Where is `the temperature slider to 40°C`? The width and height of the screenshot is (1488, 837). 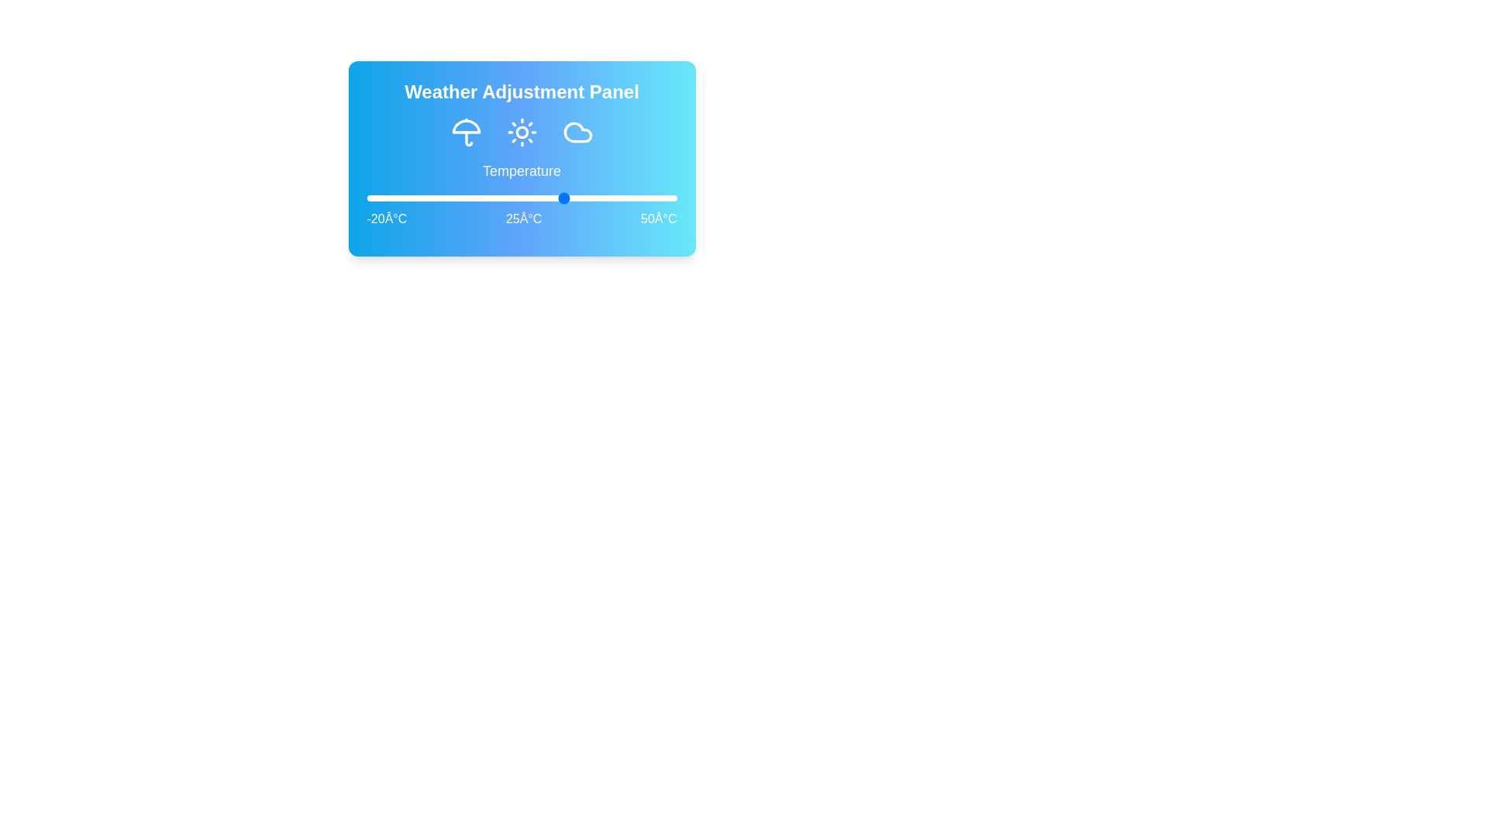
the temperature slider to 40°C is located at coordinates (632, 197).